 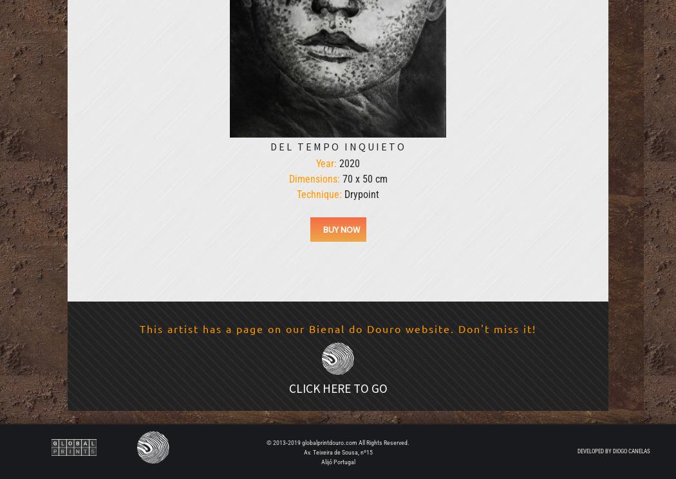 What do you see at coordinates (314, 178) in the screenshot?
I see `'Dimensions:'` at bounding box center [314, 178].